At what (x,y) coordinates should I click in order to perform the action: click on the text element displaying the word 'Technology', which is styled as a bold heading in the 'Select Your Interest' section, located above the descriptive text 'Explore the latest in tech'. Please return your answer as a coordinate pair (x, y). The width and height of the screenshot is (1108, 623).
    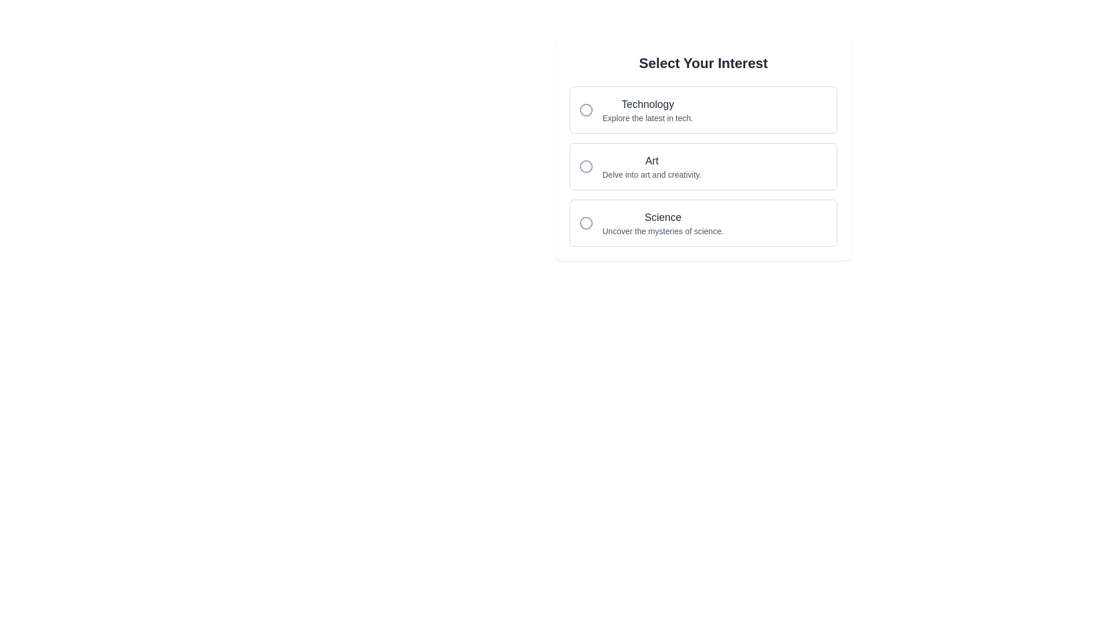
    Looking at the image, I should click on (647, 104).